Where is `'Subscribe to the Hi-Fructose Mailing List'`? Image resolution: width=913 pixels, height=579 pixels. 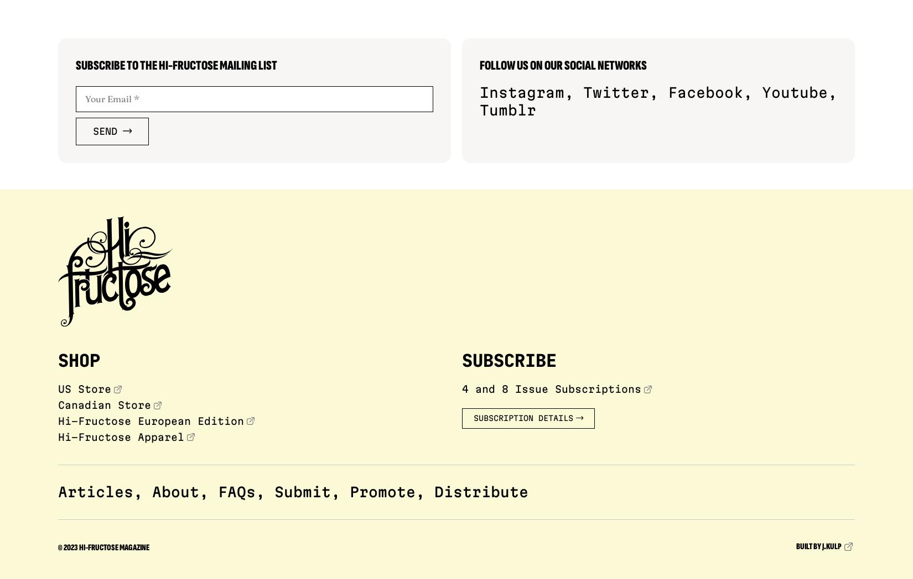
'Subscribe to the Hi-Fructose Mailing List' is located at coordinates (176, 65).